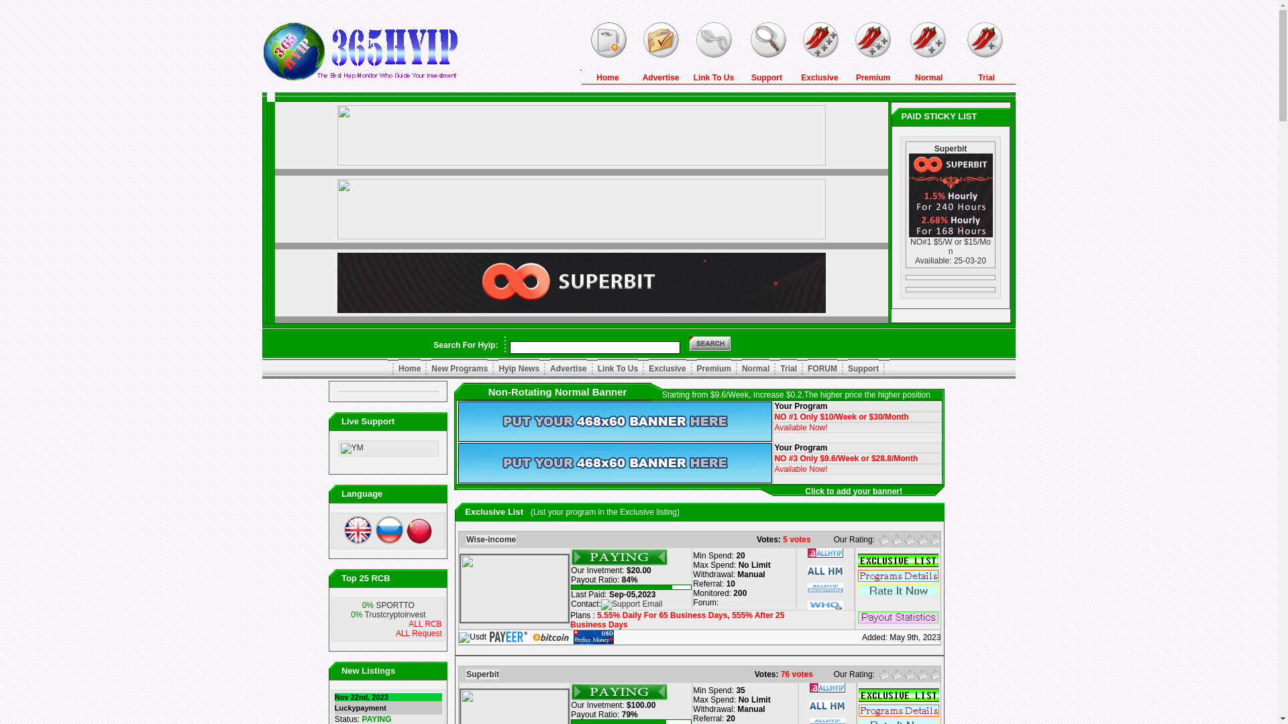 This screenshot has height=724, width=1288. I want to click on ' ', so click(897, 604).